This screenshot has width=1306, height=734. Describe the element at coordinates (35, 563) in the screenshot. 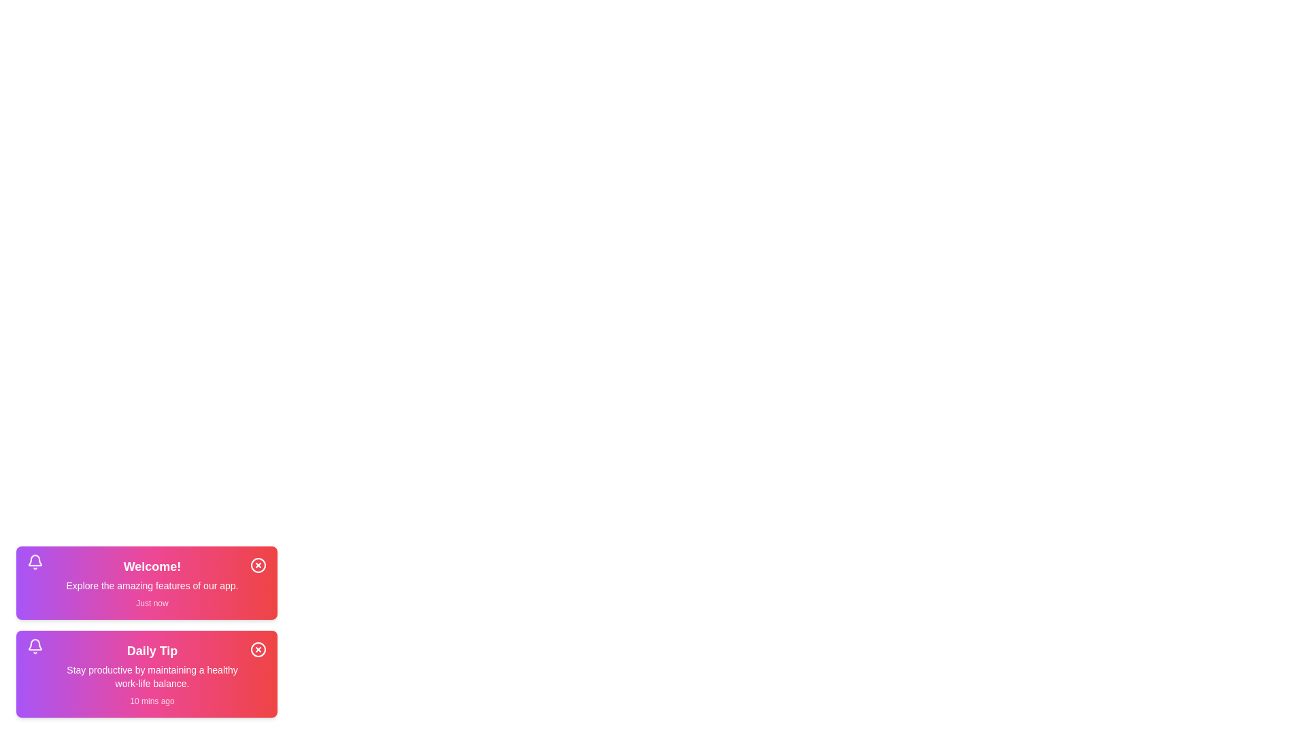

I see `the bell icon in the notification widget` at that location.